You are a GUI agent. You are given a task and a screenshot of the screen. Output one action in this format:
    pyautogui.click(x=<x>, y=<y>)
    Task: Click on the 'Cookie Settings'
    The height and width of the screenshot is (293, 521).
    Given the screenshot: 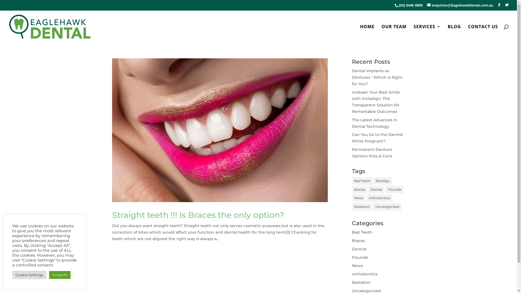 What is the action you would take?
    pyautogui.click(x=29, y=275)
    